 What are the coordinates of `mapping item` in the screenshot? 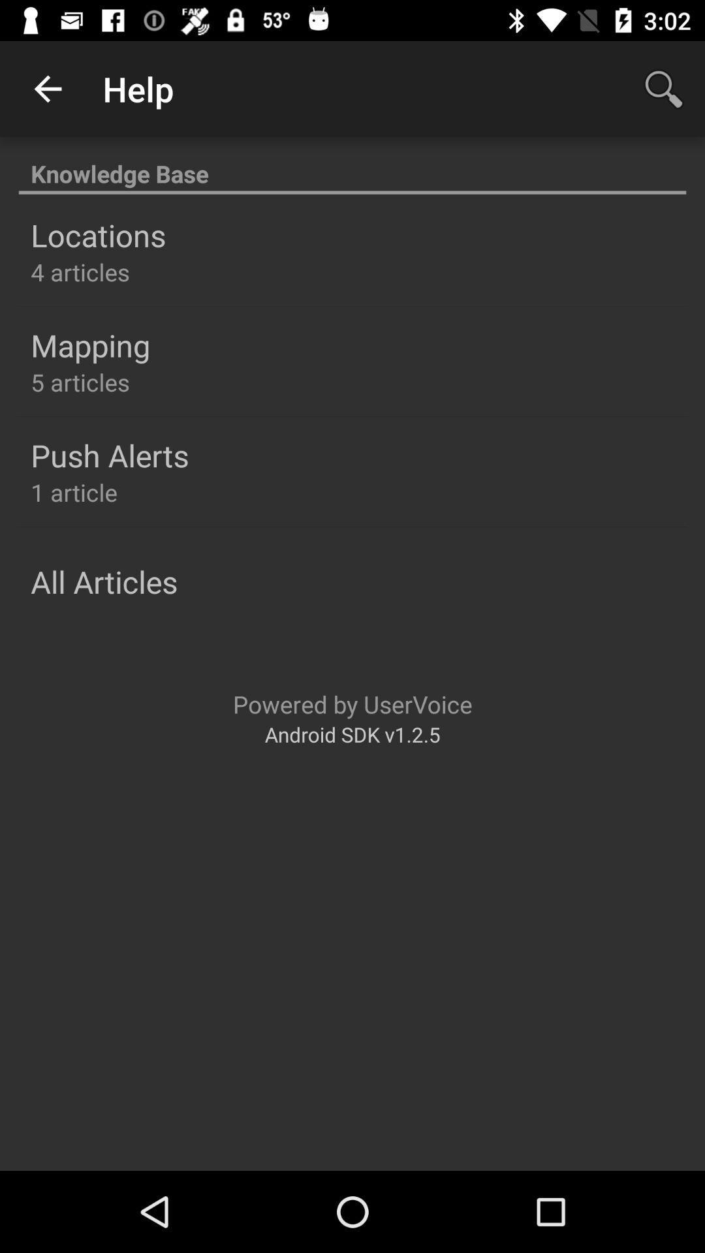 It's located at (89, 345).